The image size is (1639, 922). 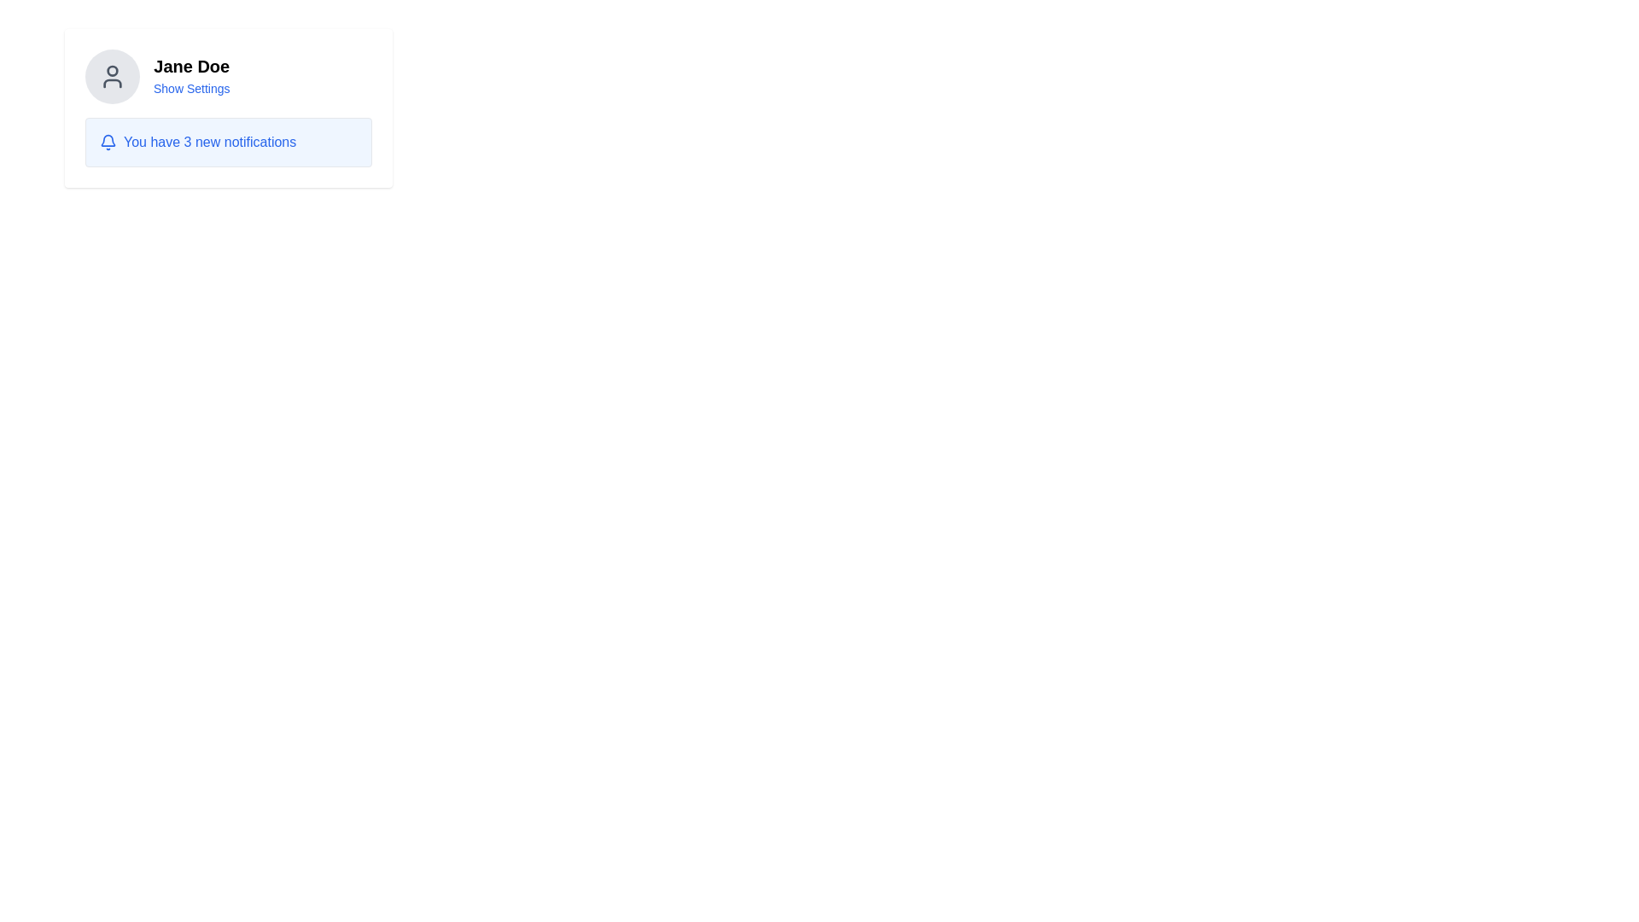 What do you see at coordinates (191, 89) in the screenshot?
I see `the text link located directly below 'Jane Doe'` at bounding box center [191, 89].